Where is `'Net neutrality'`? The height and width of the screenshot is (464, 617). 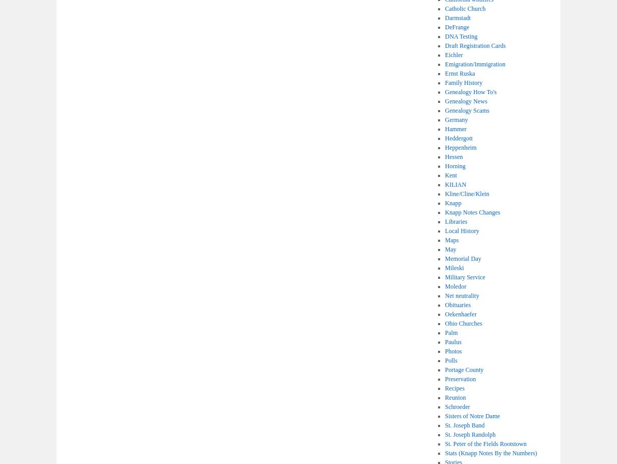
'Net neutrality' is located at coordinates (461, 296).